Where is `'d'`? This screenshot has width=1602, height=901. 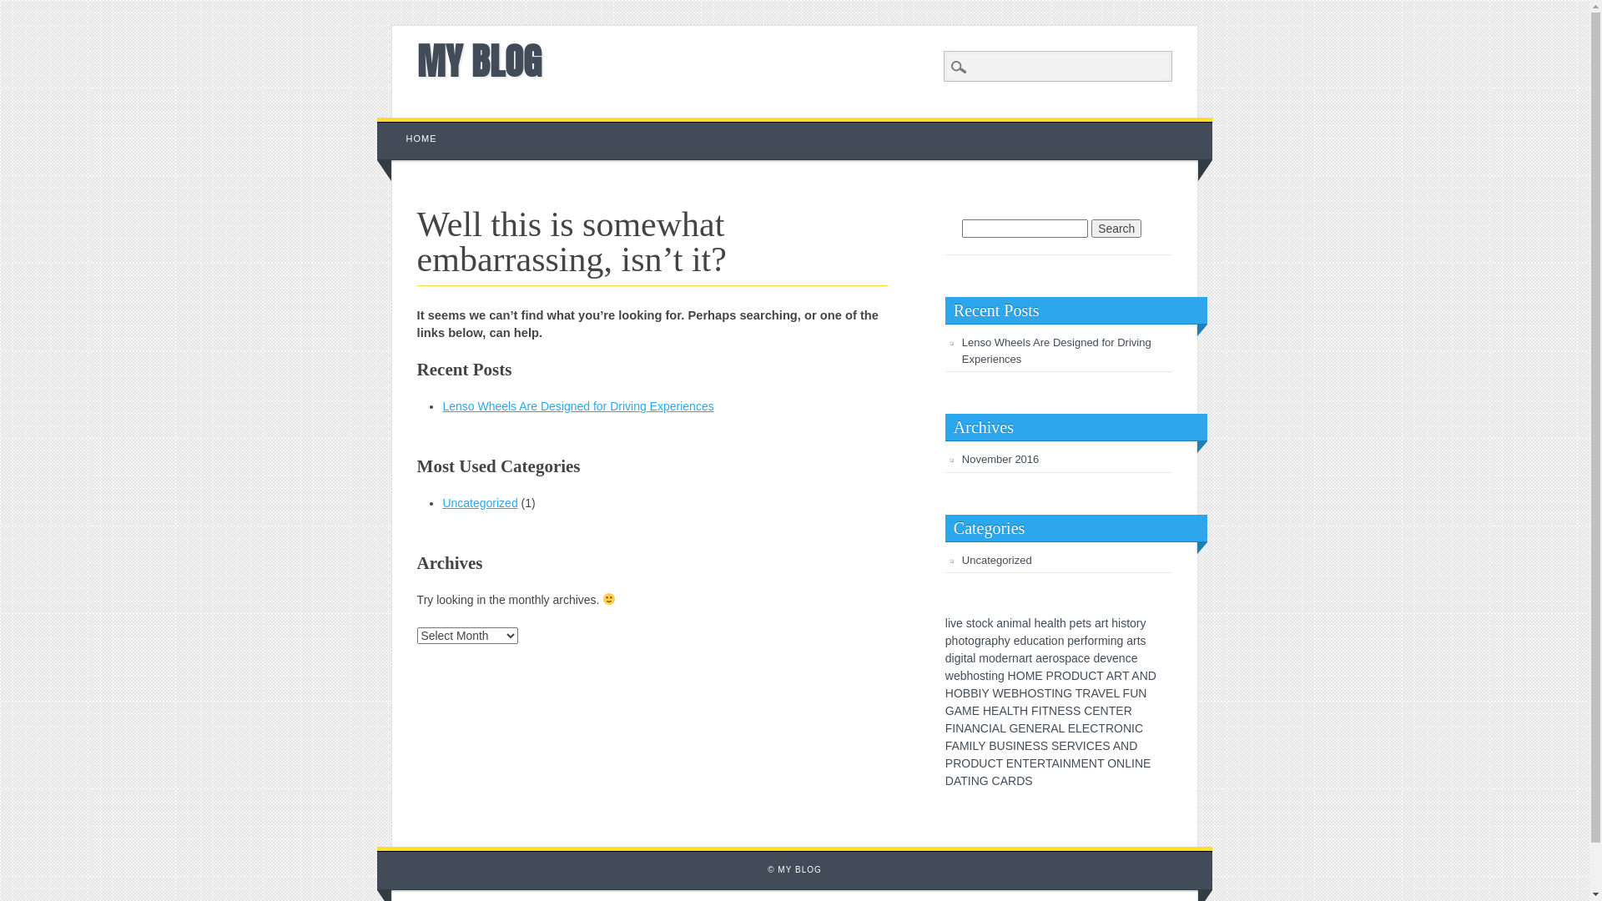 'd' is located at coordinates (1021, 639).